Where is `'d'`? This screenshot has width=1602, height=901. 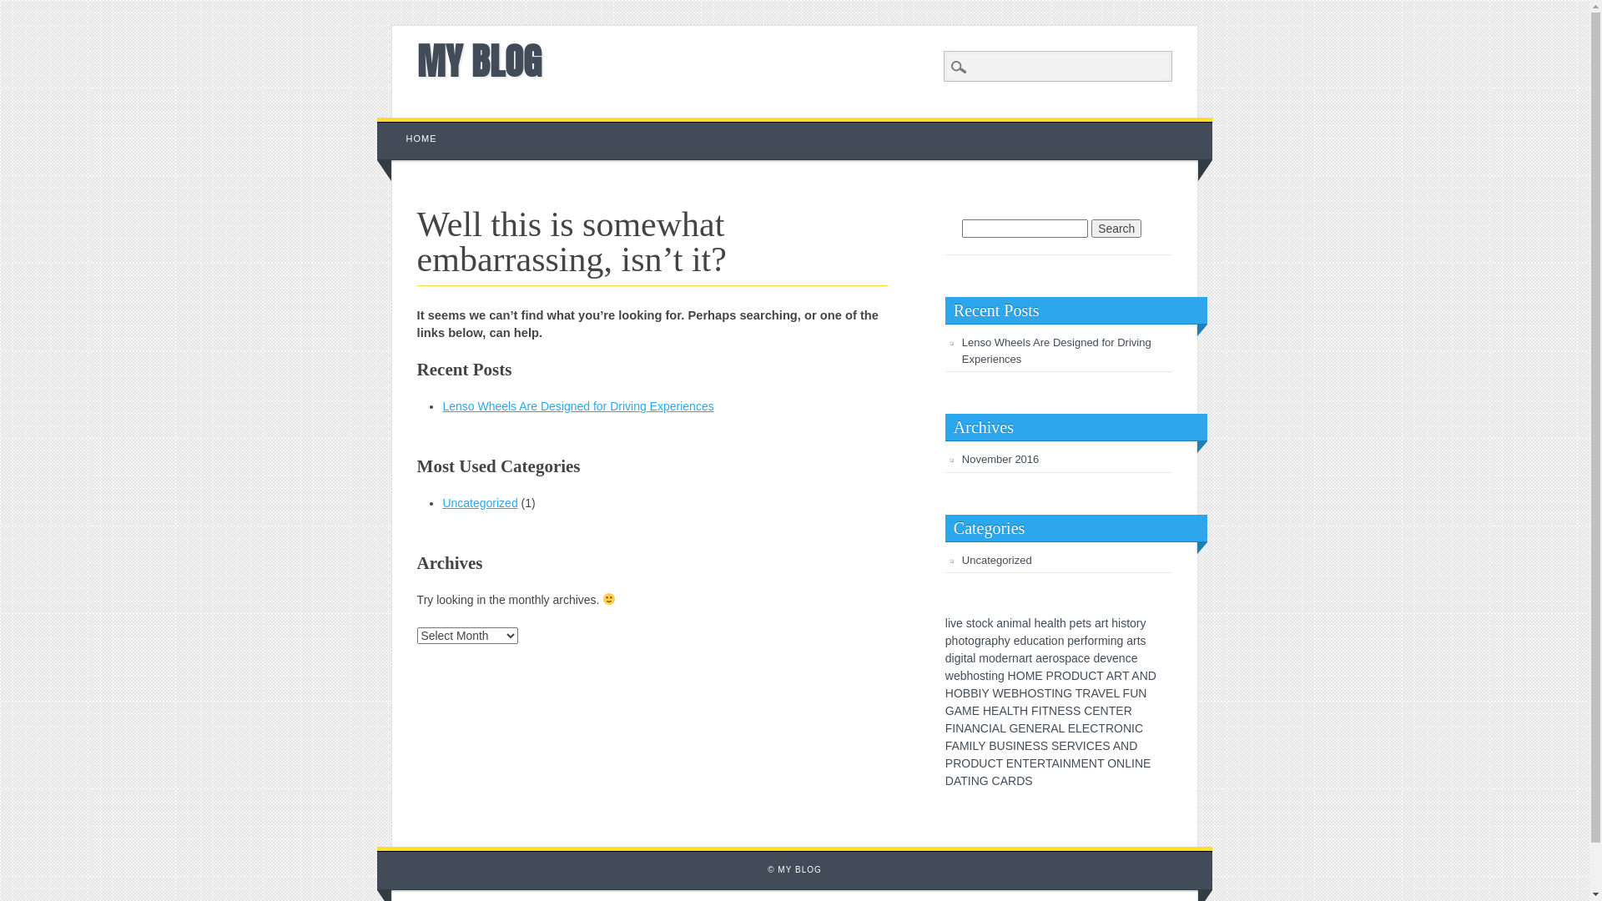 'd' is located at coordinates (1021, 639).